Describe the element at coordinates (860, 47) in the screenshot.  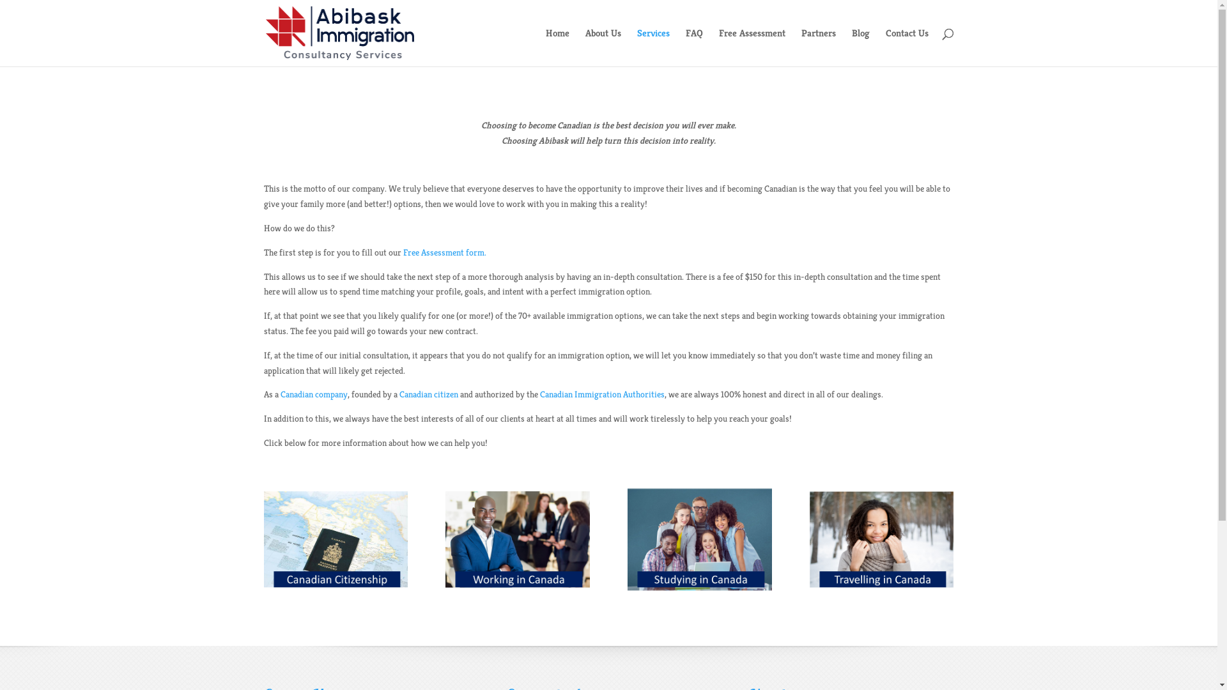
I see `'Blog'` at that location.